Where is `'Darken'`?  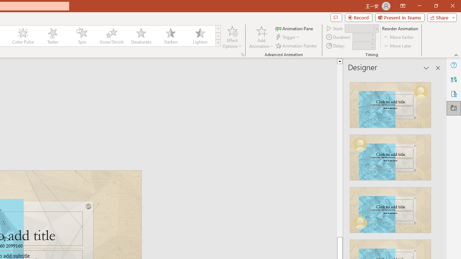
'Darken' is located at coordinates (170, 36).